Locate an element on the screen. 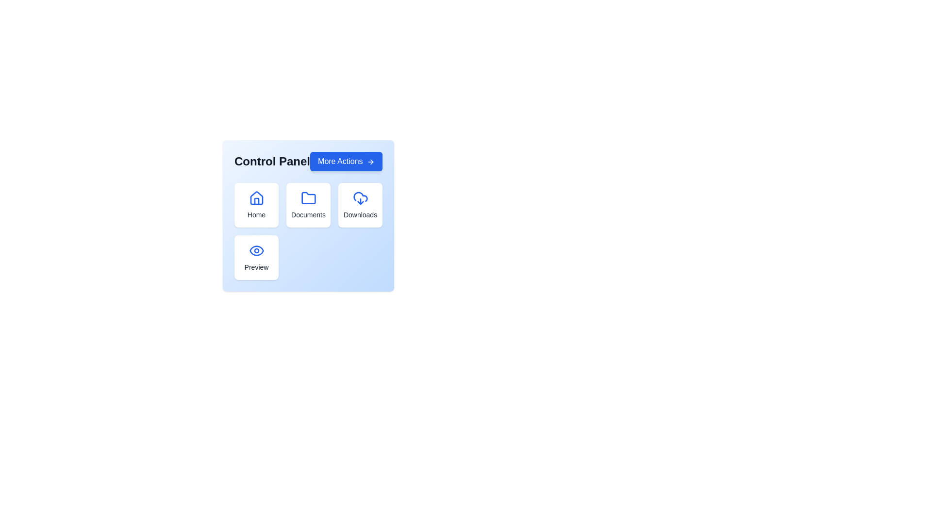  the centrally aligned text label that describes the adjacent folder icon in the control panel interface is located at coordinates (308, 214).